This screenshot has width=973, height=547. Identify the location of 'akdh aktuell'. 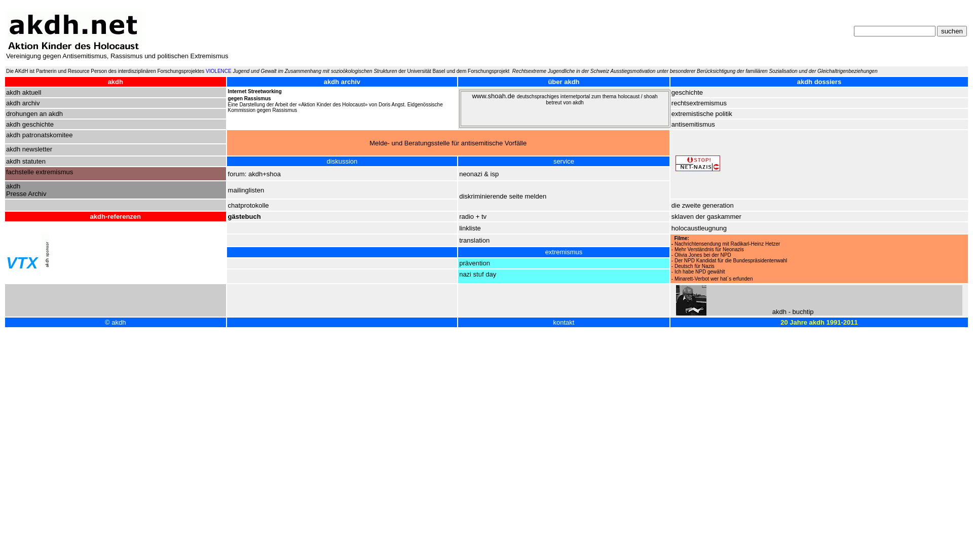
(23, 92).